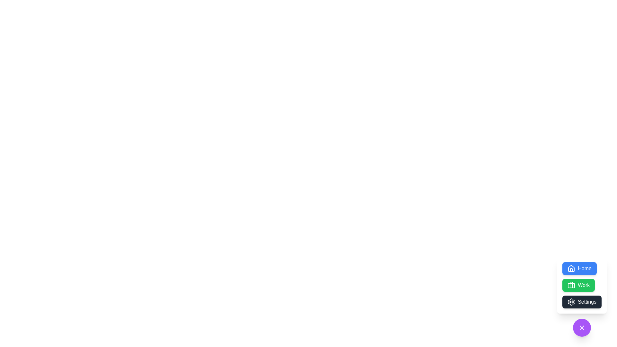 The width and height of the screenshot is (617, 347). What do you see at coordinates (582, 327) in the screenshot?
I see `the close or dismiss button located at the bottom-right corner of the vertical menu, beneath the 'Settings' option, to activate the hover effect` at bounding box center [582, 327].